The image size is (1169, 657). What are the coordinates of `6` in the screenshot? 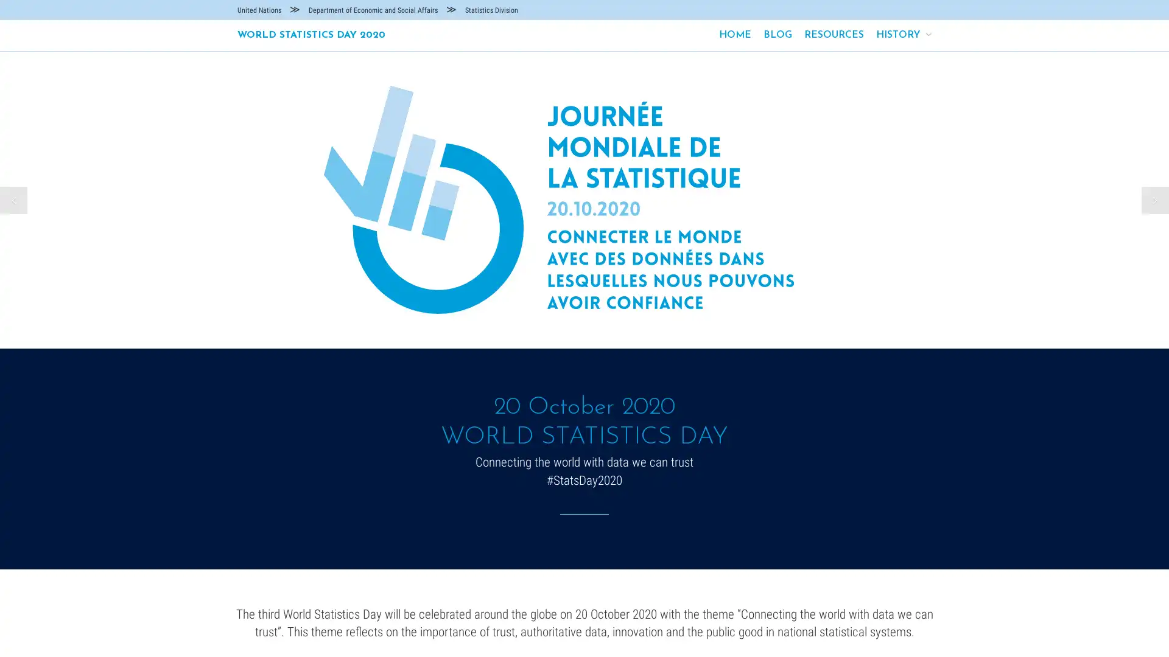 It's located at (617, 325).